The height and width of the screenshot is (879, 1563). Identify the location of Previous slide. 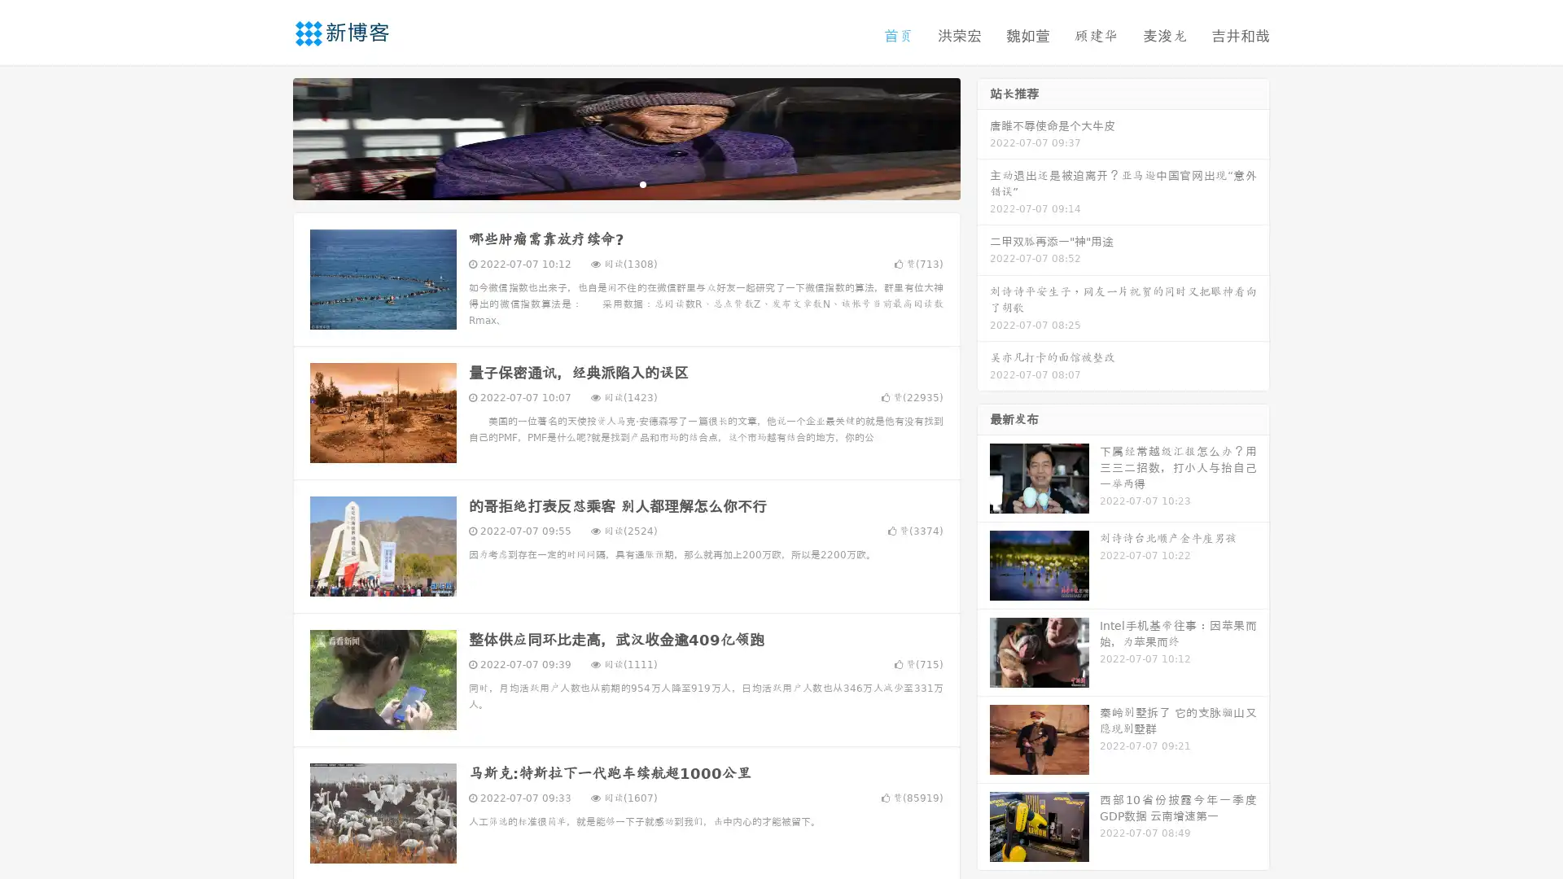
(269, 137).